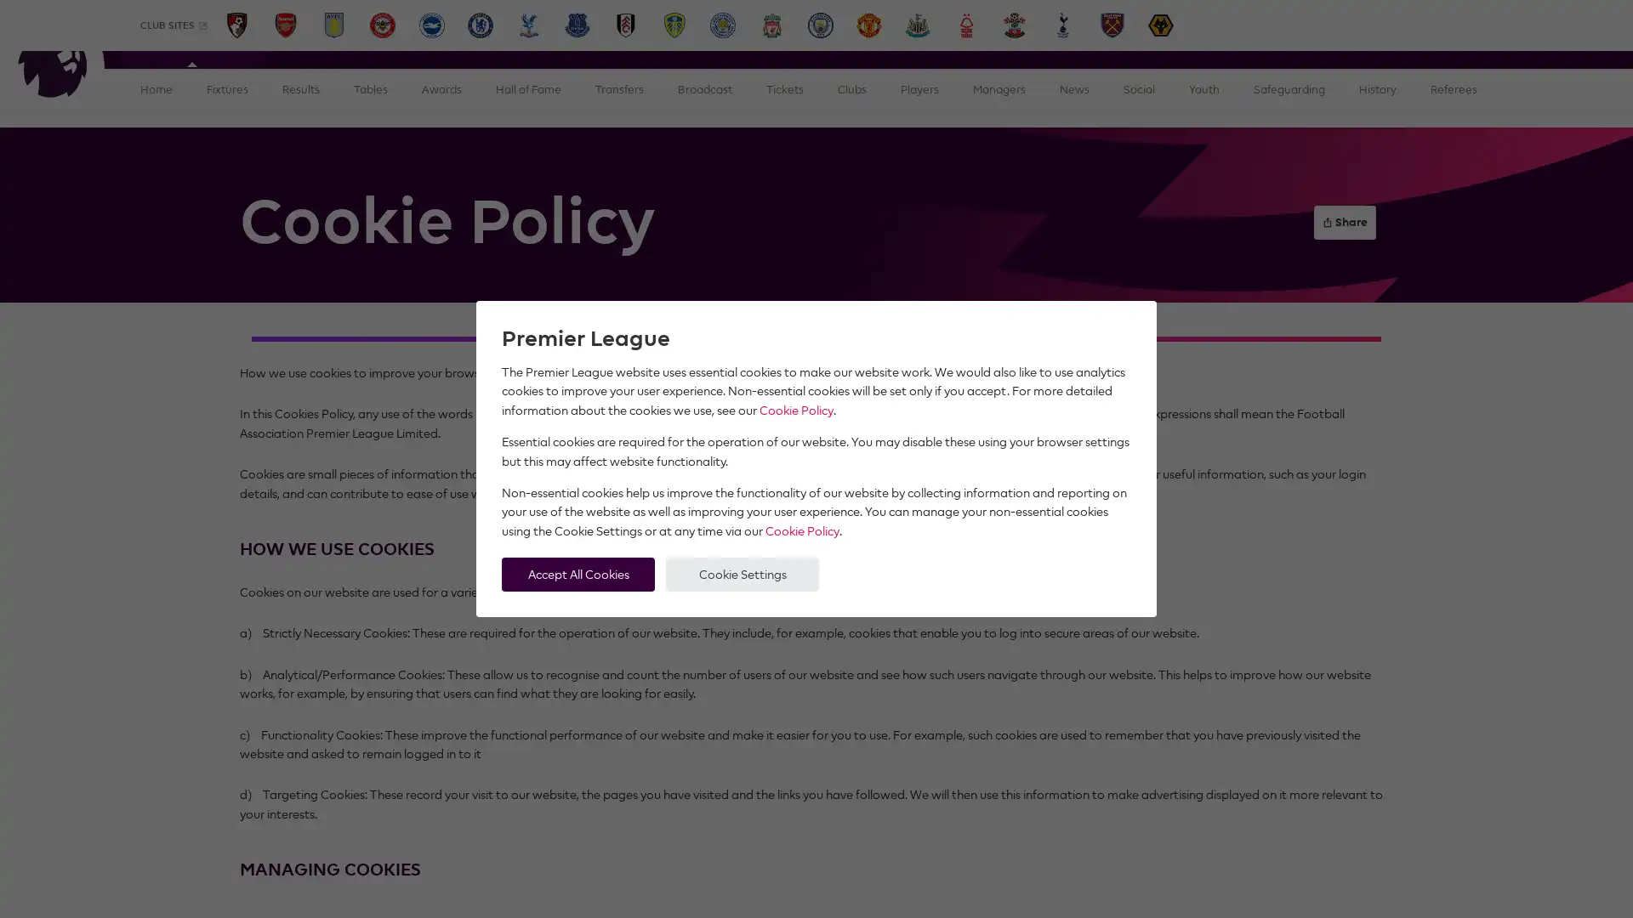 The width and height of the screenshot is (1633, 918). I want to click on Accept All Cookies, so click(578, 574).